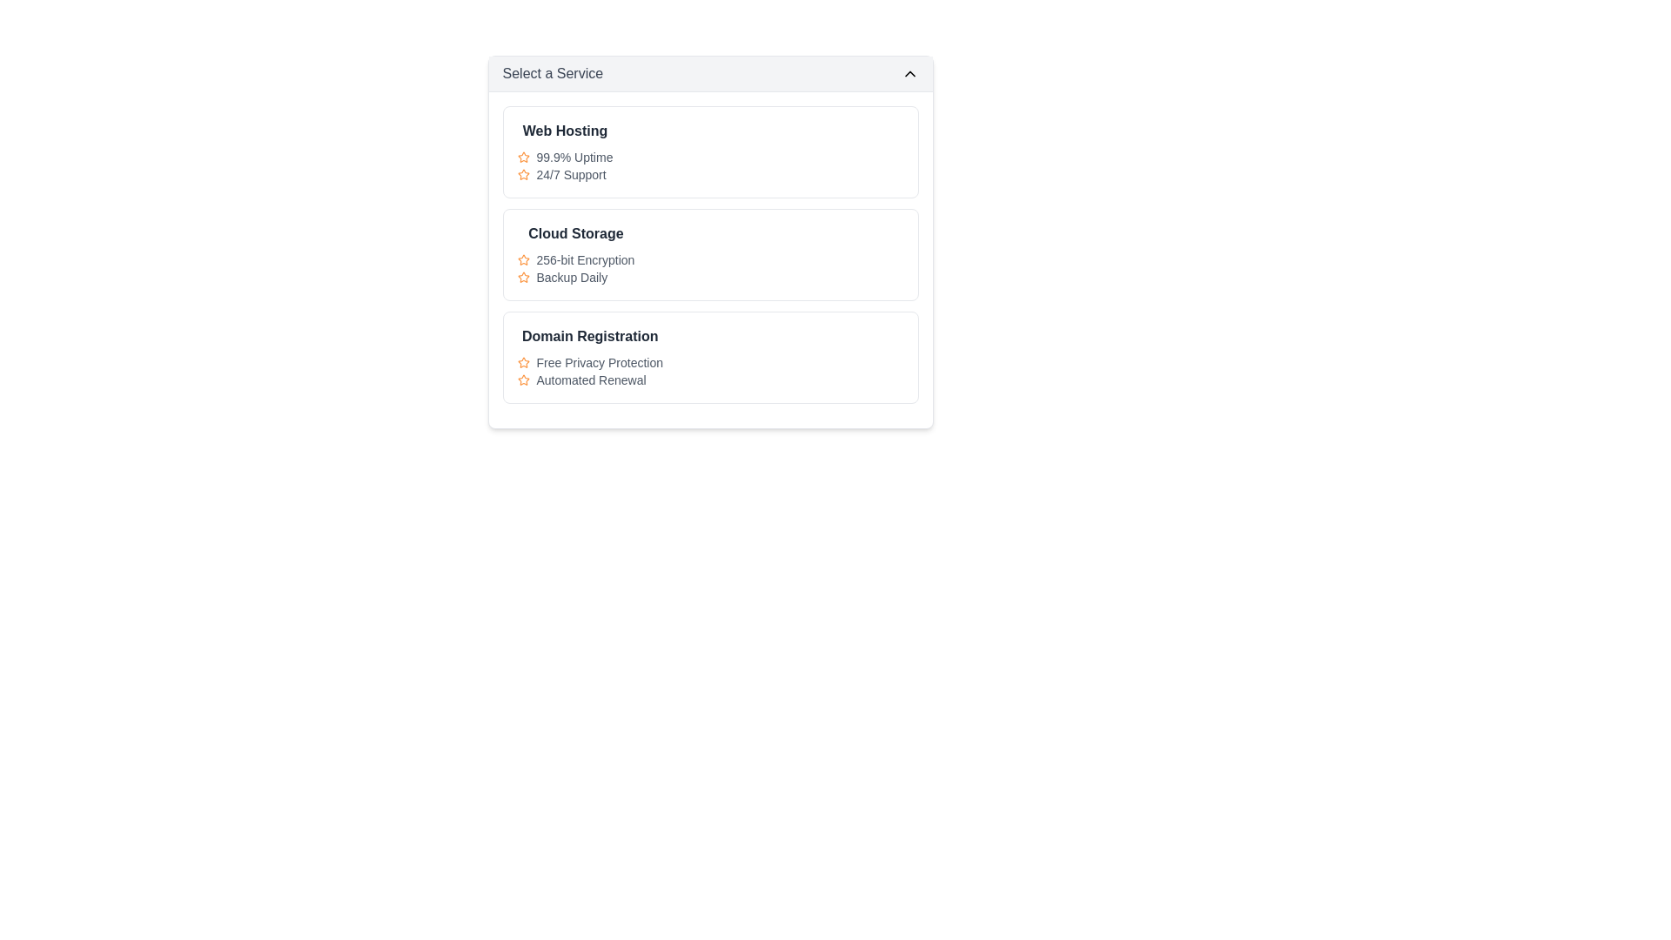 The image size is (1671, 940). Describe the element at coordinates (522, 174) in the screenshot. I see `the first icon in the '24/7 Support' row under the 'Web Hosting' section` at that location.